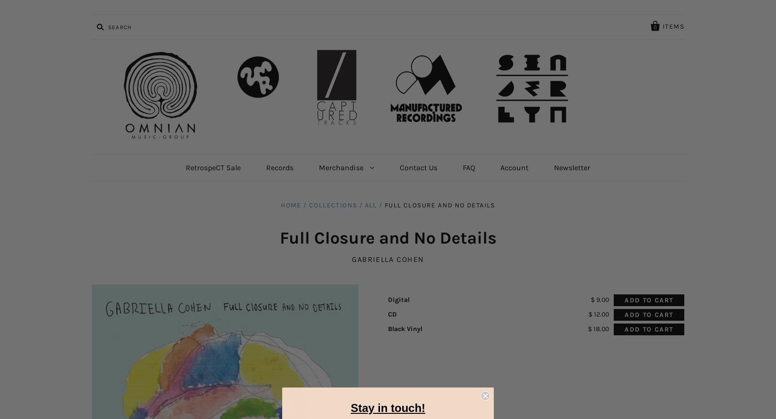 The width and height of the screenshot is (776, 419). I want to click on 'Gabriella Cohen', so click(351, 259).